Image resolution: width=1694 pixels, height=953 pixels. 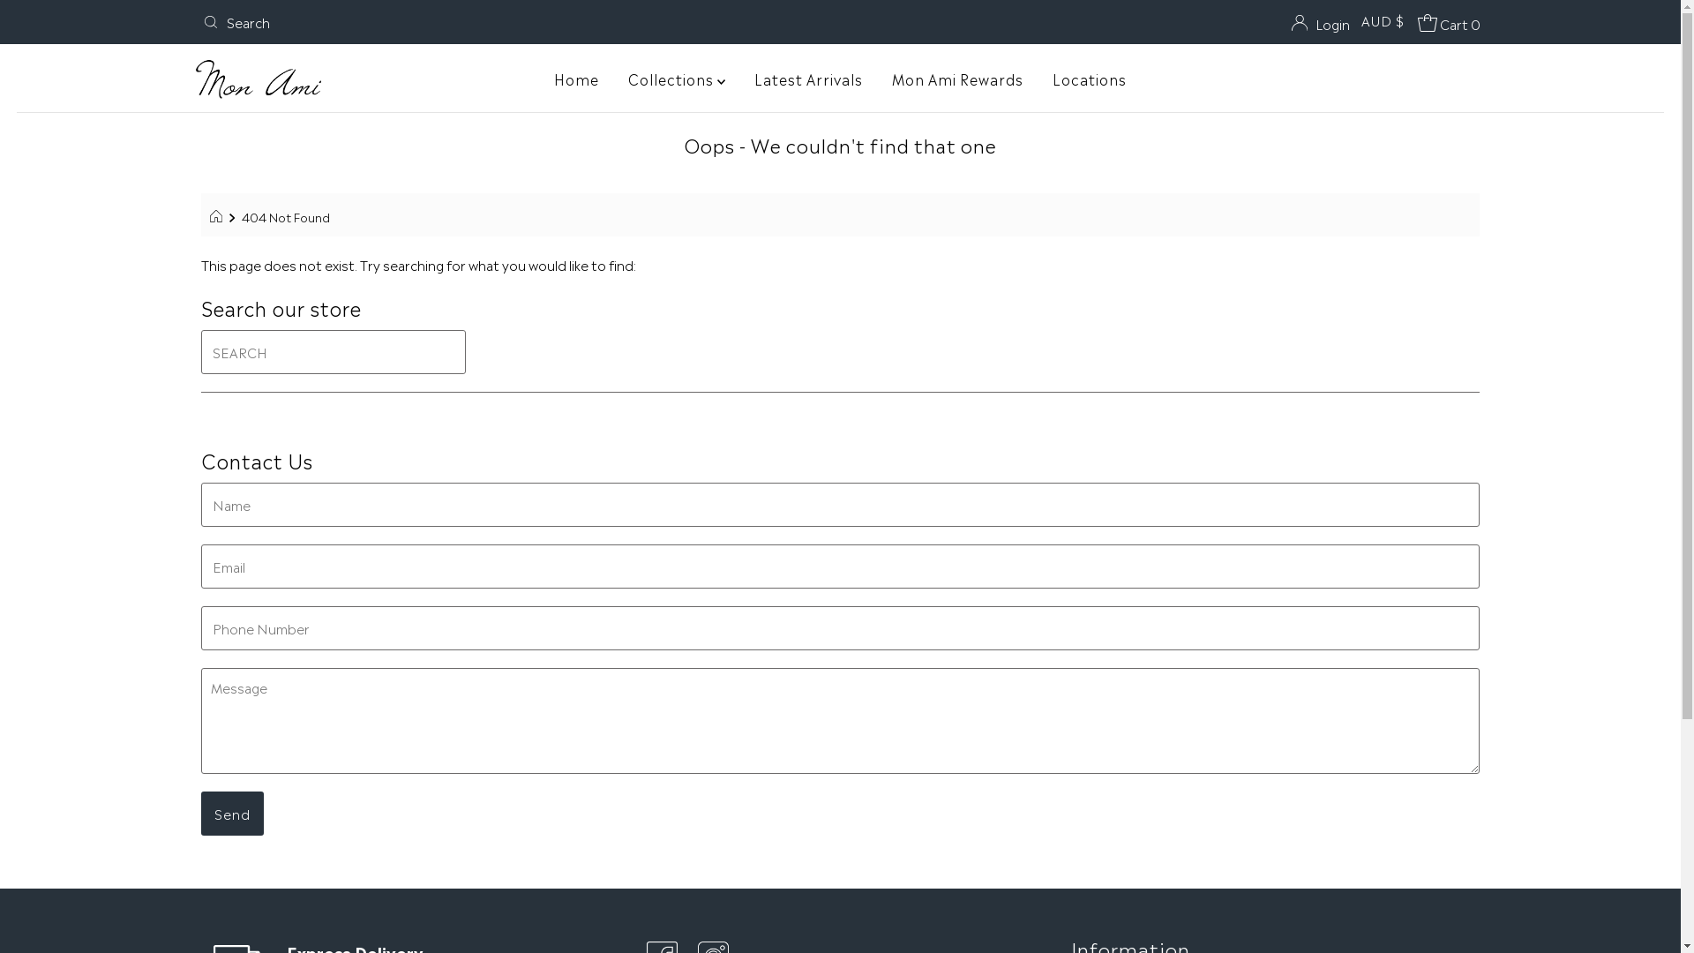 I want to click on 'Mon Ami Rewards', so click(x=956, y=77).